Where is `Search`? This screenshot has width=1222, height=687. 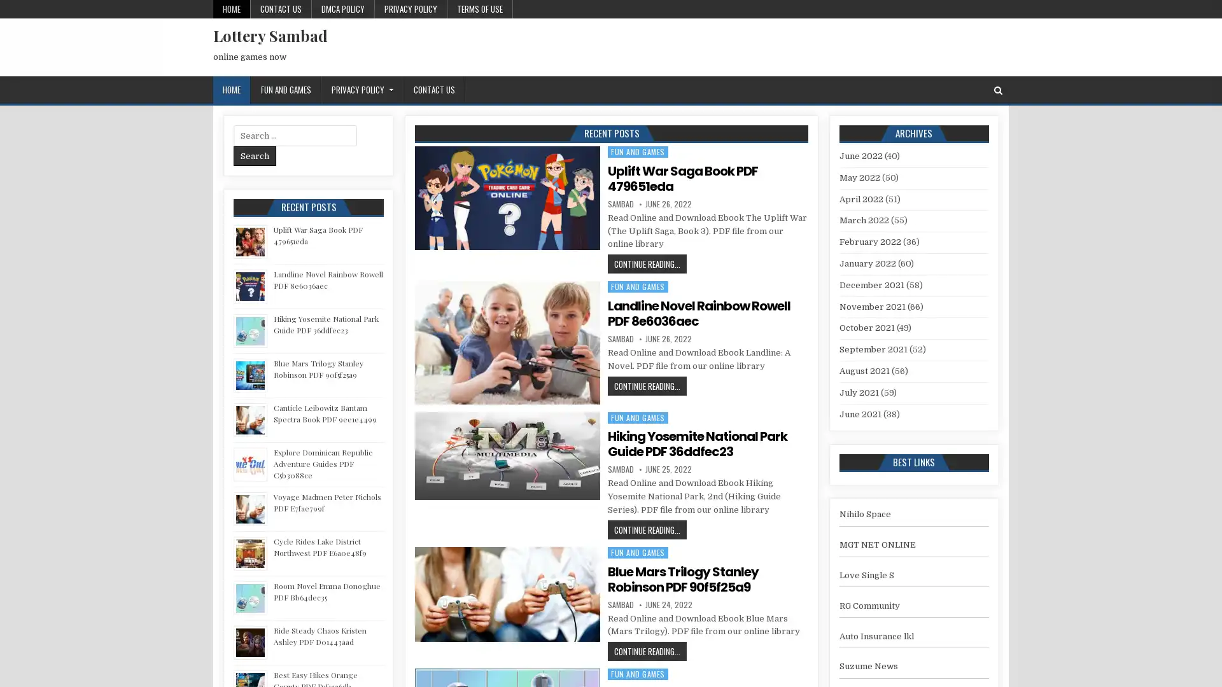 Search is located at coordinates (255, 155).